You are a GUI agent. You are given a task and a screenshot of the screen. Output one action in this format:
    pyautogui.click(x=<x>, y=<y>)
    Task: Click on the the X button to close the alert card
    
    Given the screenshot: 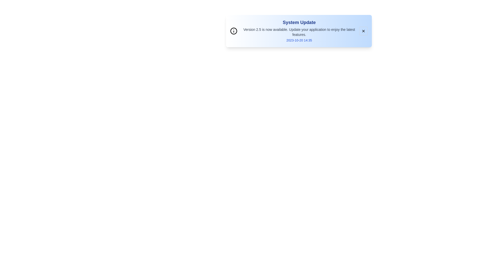 What is the action you would take?
    pyautogui.click(x=363, y=31)
    